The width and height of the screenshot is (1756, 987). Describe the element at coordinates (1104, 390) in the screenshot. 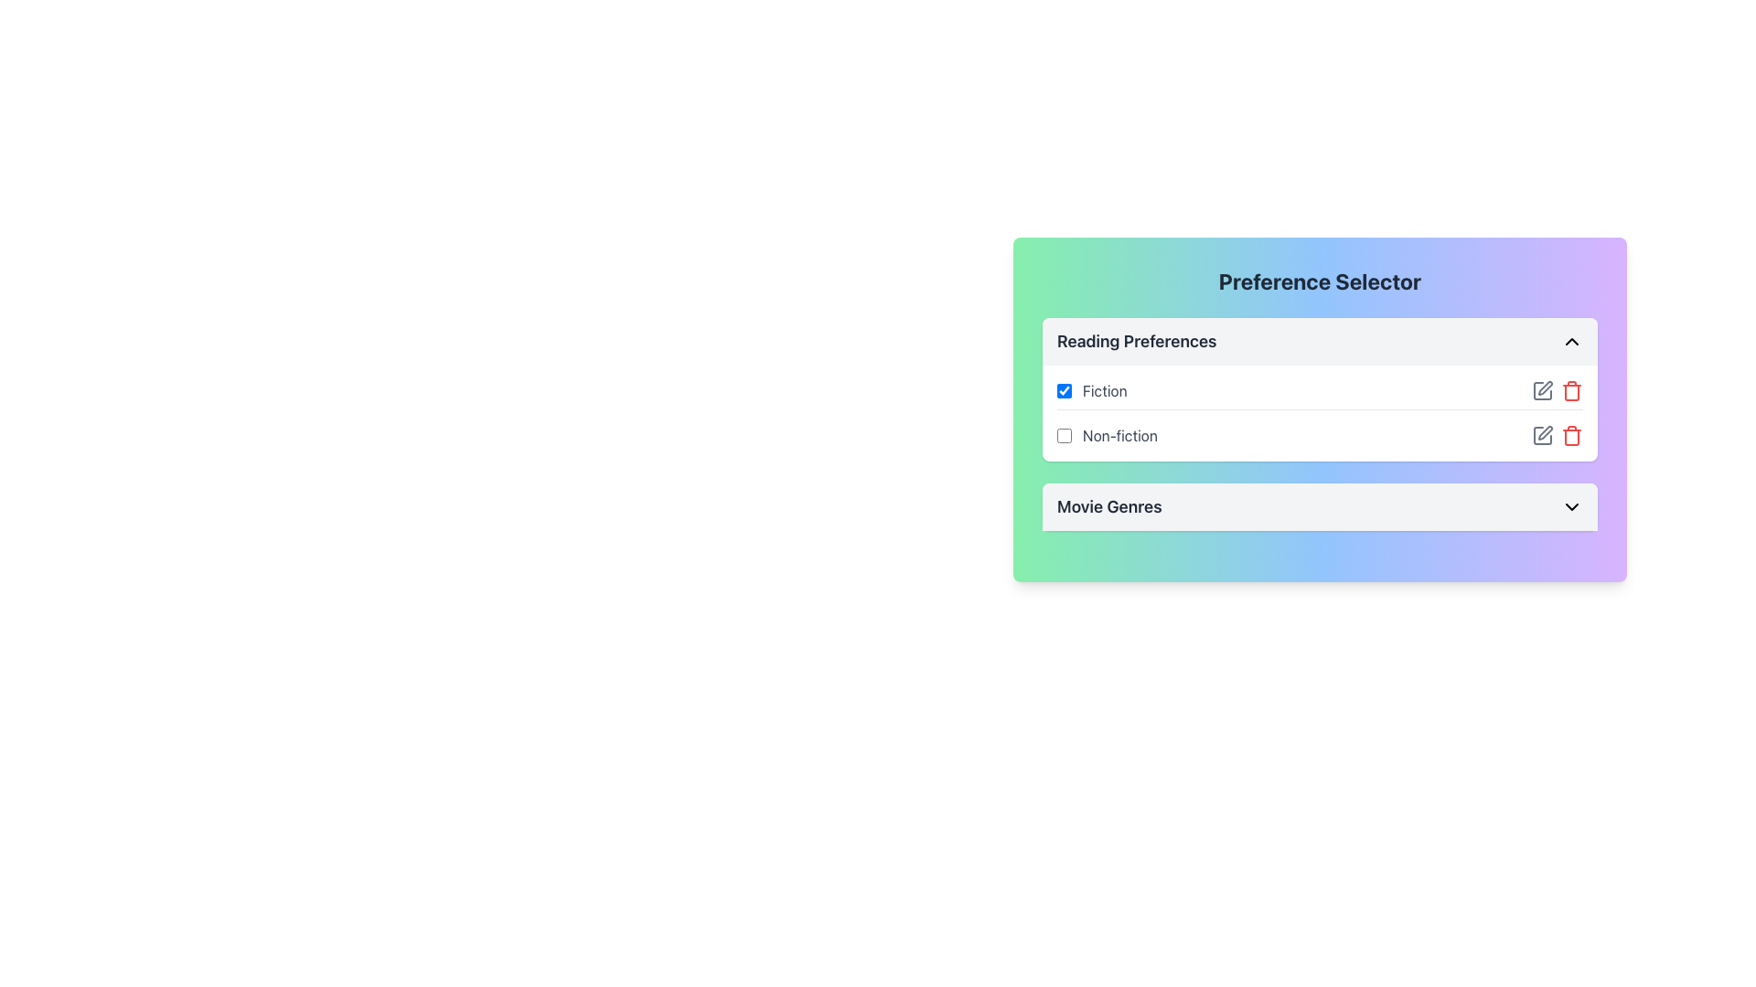

I see `the 'Fiction' text label which describes the selectable option in the 'Reading Preferences' category, located to the right of the blue checkbox` at that location.